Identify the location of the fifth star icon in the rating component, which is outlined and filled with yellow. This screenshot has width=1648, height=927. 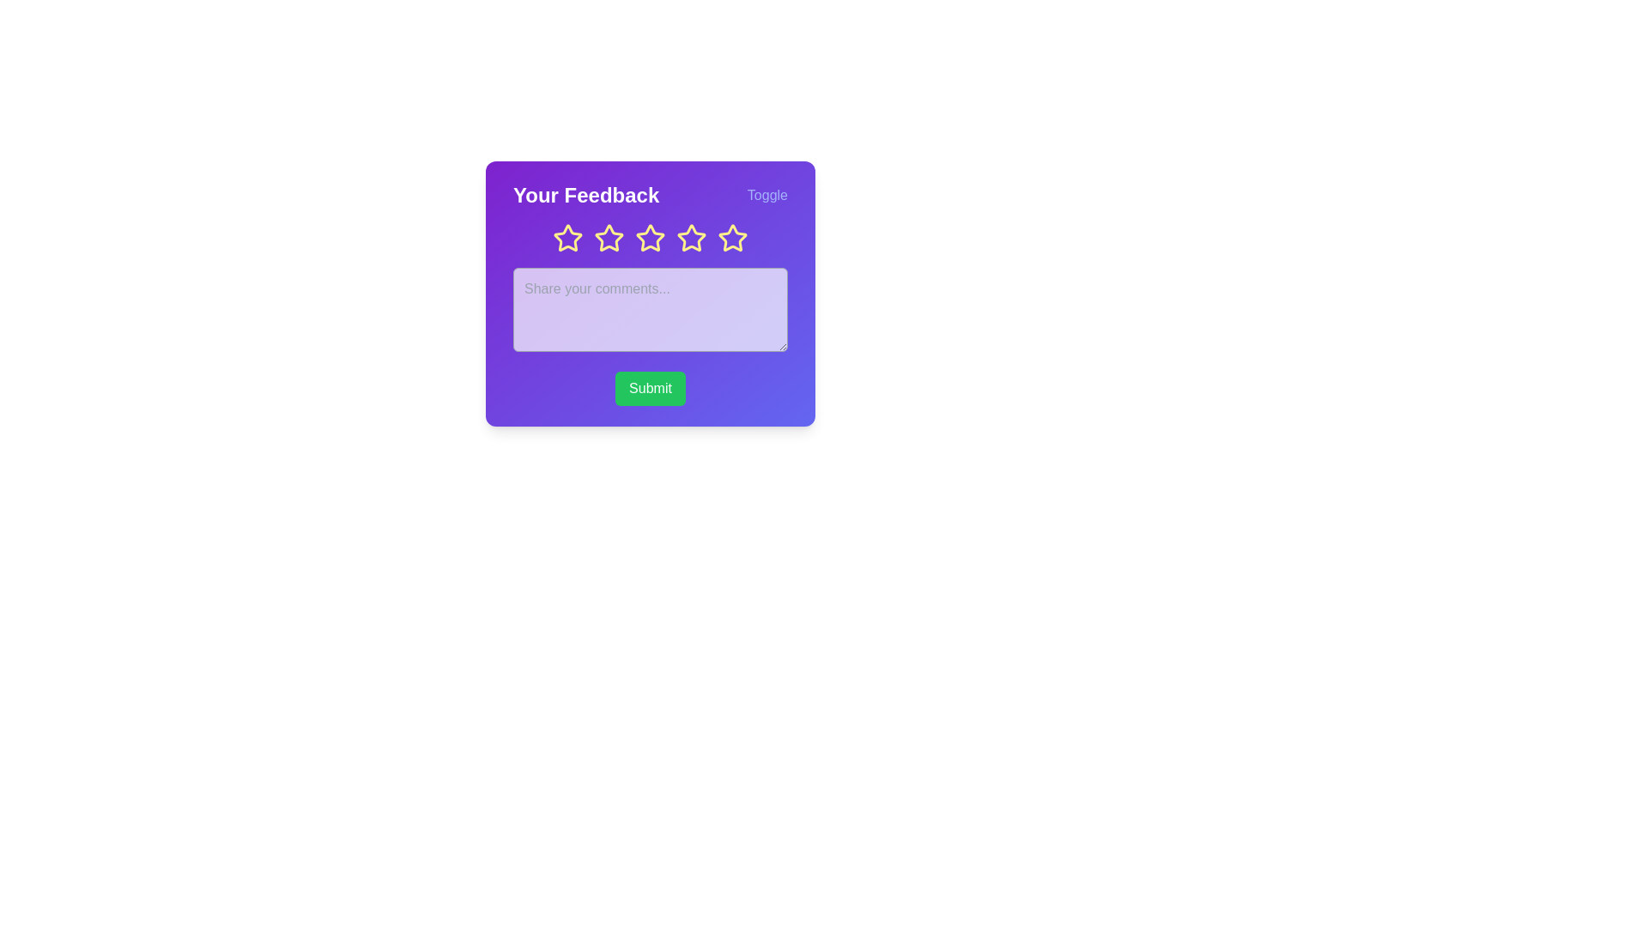
(733, 238).